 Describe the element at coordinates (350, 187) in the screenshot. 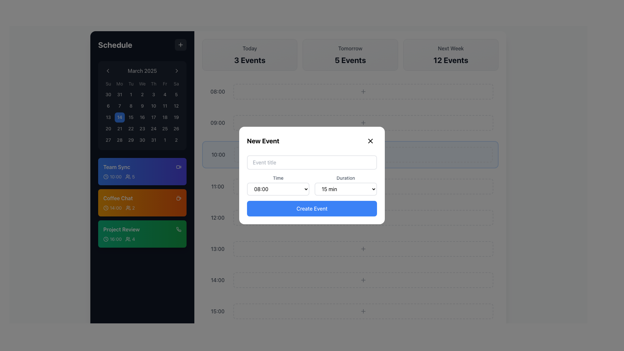

I see `the fourth time slot in the schedule, located below the 'New Event' dialog box and aligned with the 'Time' selector` at that location.